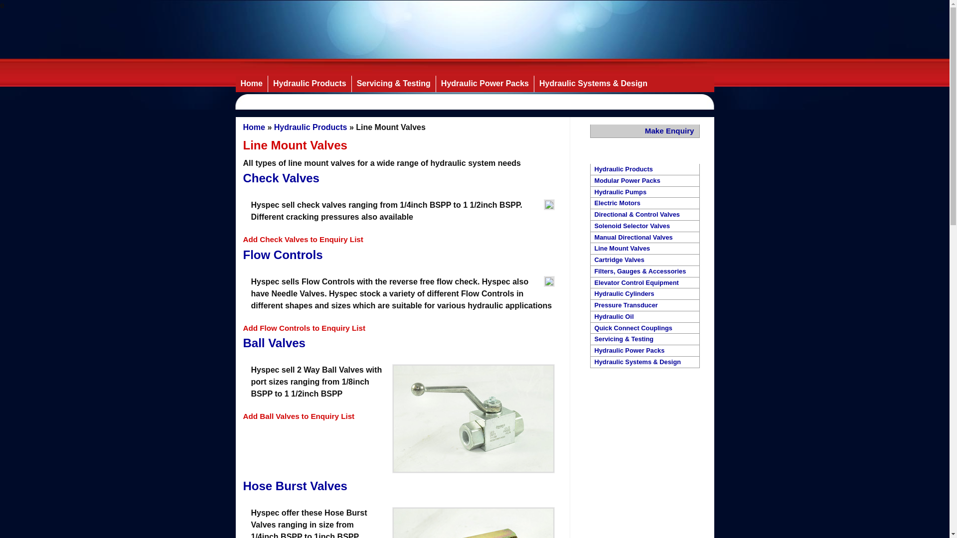  What do you see at coordinates (644, 238) in the screenshot?
I see `'Manual Directional Valves'` at bounding box center [644, 238].